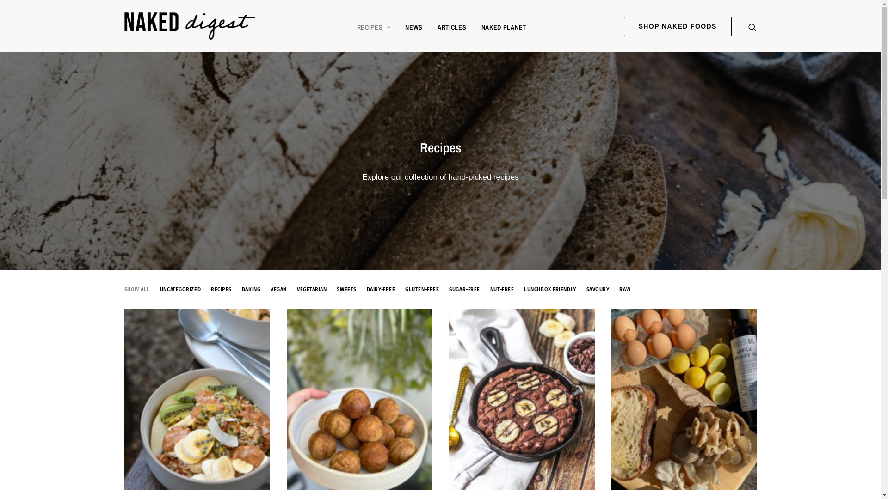 The image size is (888, 499). What do you see at coordinates (221, 289) in the screenshot?
I see `'RECIPES'` at bounding box center [221, 289].